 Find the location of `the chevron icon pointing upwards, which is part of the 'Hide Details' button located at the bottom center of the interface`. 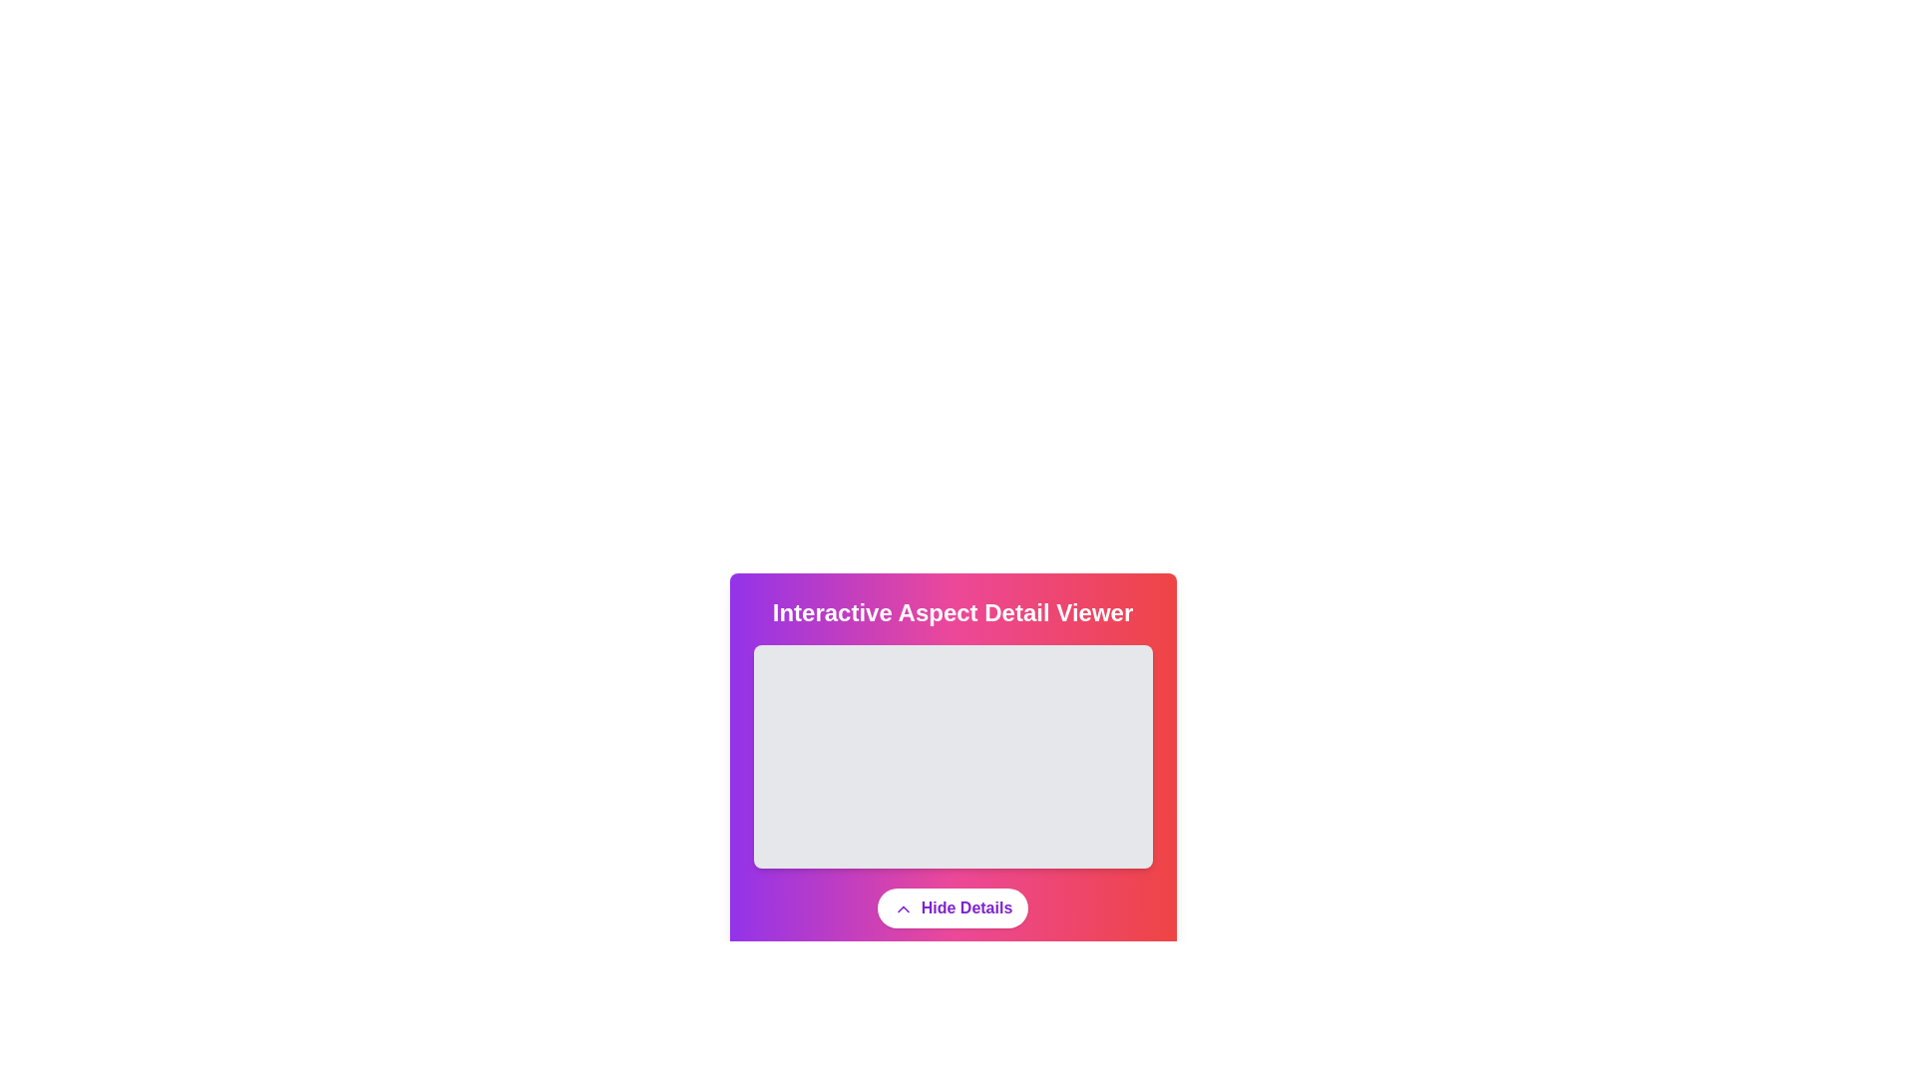

the chevron icon pointing upwards, which is part of the 'Hide Details' button located at the bottom center of the interface is located at coordinates (902, 908).